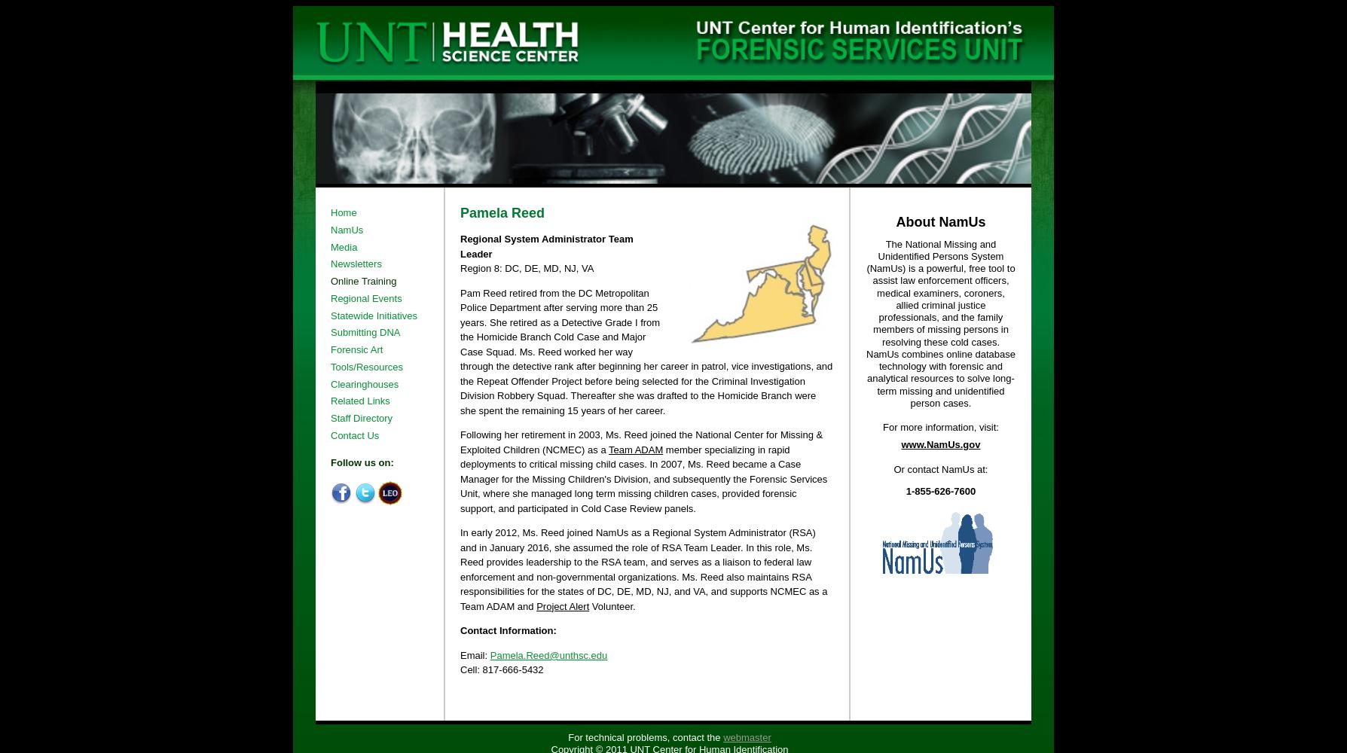  Describe the element at coordinates (939, 323) in the screenshot. I see `'The National Missing and Unidentified Persons System (NamUs) is a powerful, free tool to assist law enforcement officers, medical examiners, coroners, allied criminal justice professionals, and the family members of missing persons in resolving these cold cases. NamUs combines online database technology with forensic and analytical resources to solve long-term missing and unidentified person cases.'` at that location.